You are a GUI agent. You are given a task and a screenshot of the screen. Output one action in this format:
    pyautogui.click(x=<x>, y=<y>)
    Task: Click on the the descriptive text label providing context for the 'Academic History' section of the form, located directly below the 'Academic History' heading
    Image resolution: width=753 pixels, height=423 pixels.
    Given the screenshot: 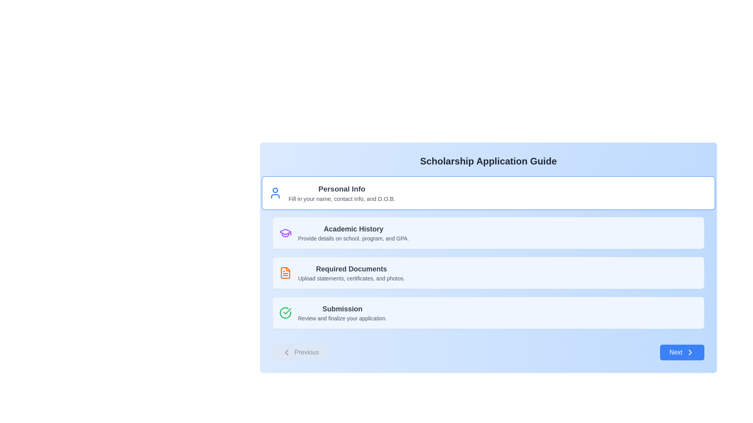 What is the action you would take?
    pyautogui.click(x=353, y=238)
    